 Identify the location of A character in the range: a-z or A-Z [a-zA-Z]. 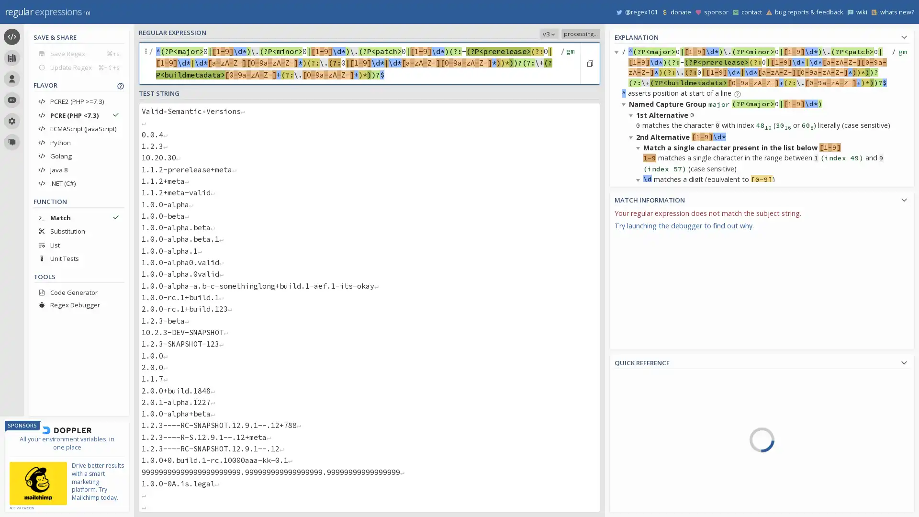
(809, 434).